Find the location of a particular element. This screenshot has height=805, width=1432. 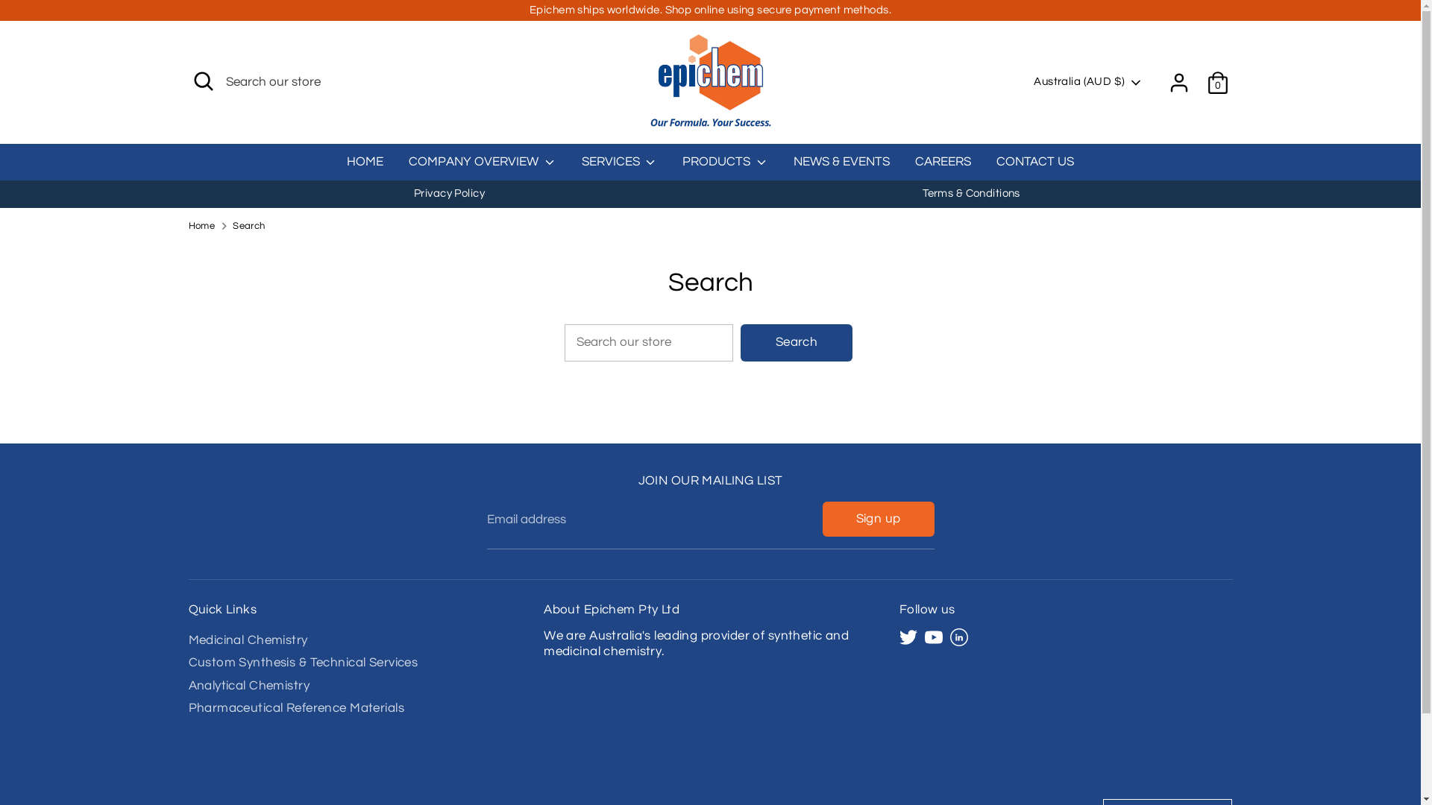

'Home' is located at coordinates (200, 226).